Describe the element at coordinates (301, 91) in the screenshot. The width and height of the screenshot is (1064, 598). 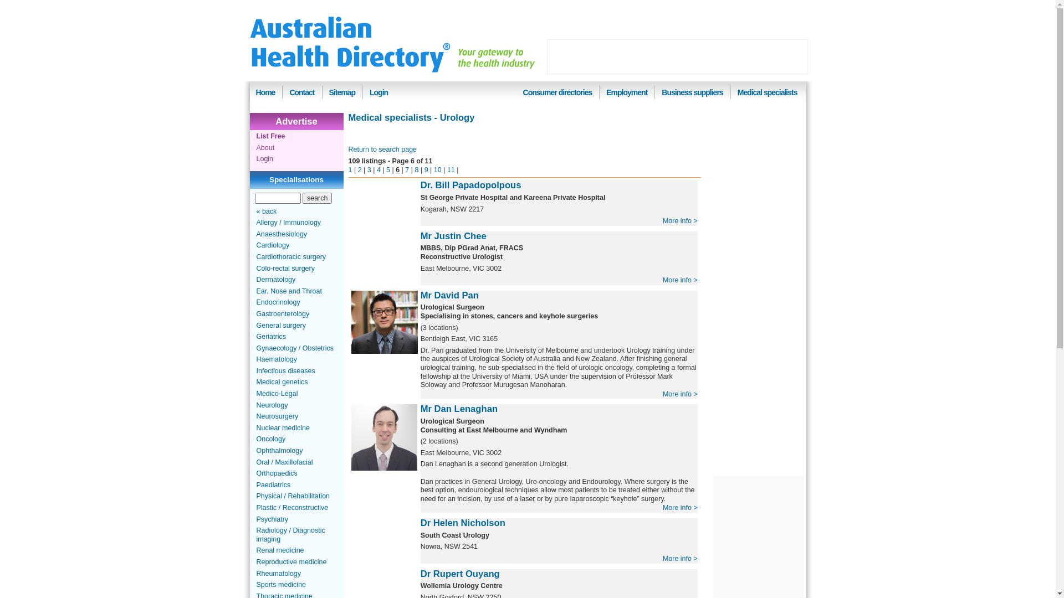
I see `'Contact'` at that location.